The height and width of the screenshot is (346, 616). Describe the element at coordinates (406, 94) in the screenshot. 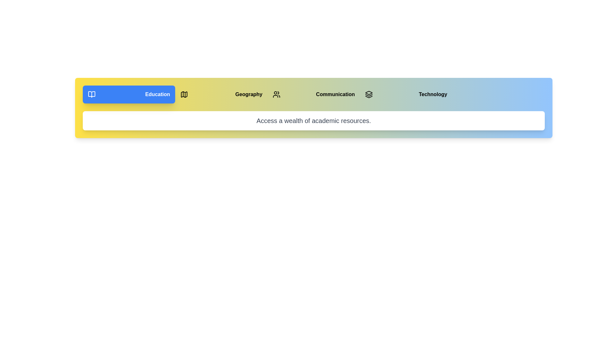

I see `the button corresponding to the Technology section to switch to it` at that location.